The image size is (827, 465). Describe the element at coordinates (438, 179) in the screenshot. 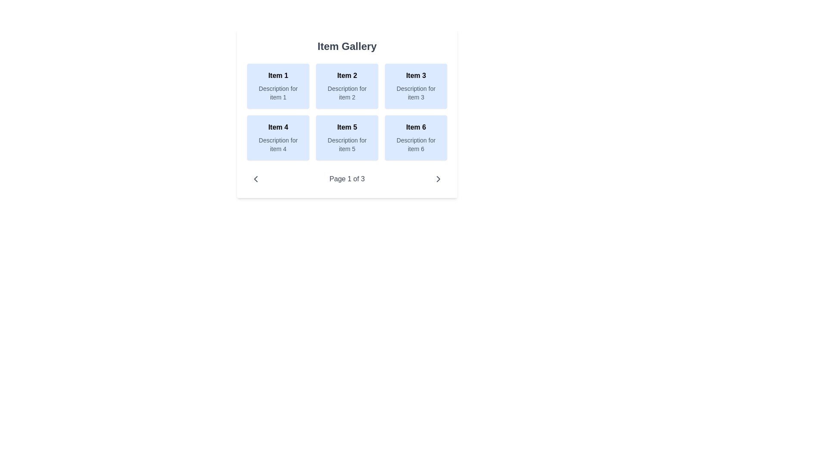

I see `the right-facing chevron icon button located at the bottom-right corner of the gallery interface to observe the color change effect` at that location.